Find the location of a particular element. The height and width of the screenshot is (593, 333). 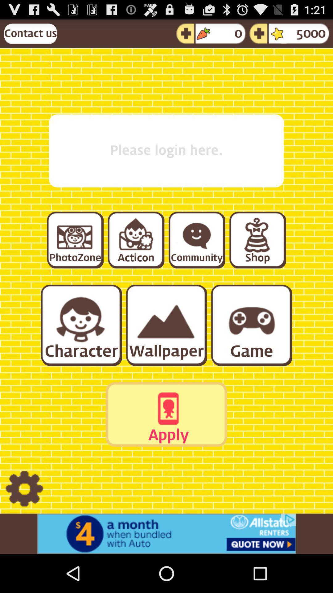

shop is located at coordinates (257, 239).